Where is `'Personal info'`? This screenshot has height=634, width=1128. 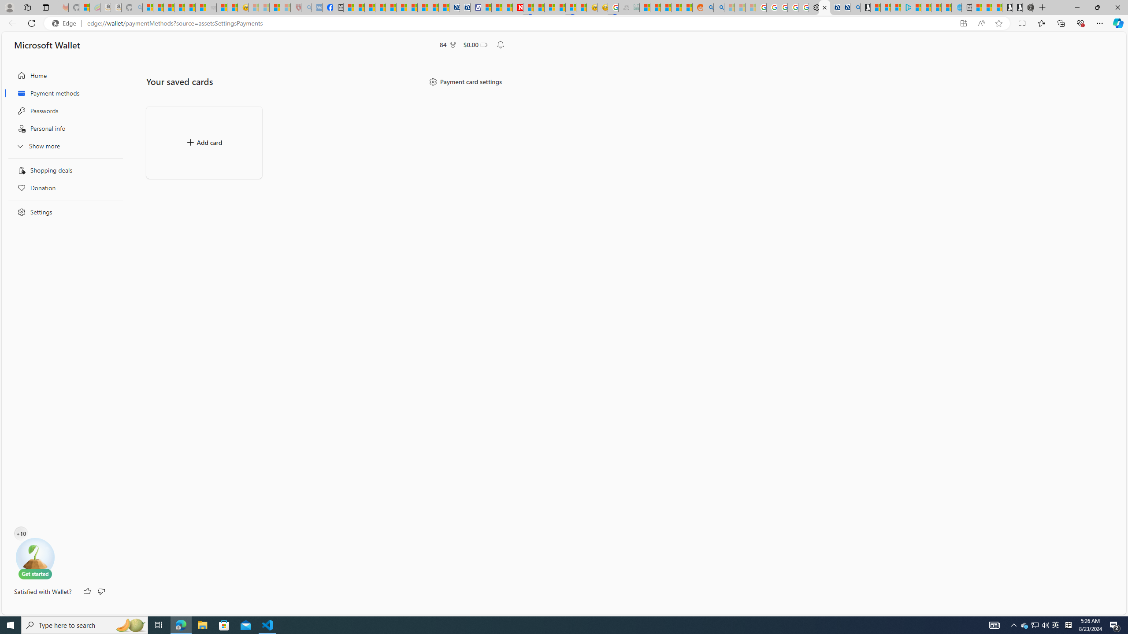
'Personal info' is located at coordinates (63, 128).